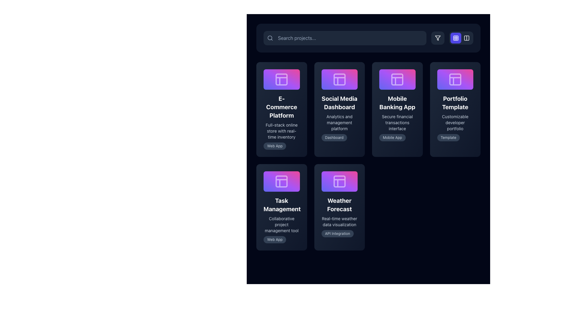  What do you see at coordinates (438, 38) in the screenshot?
I see `the graphic funnel-shaped icon in the navigation bar` at bounding box center [438, 38].